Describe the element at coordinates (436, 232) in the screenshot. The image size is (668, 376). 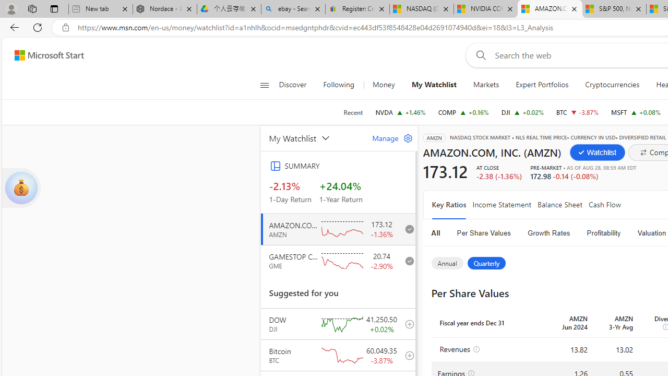
I see `'All'` at that location.